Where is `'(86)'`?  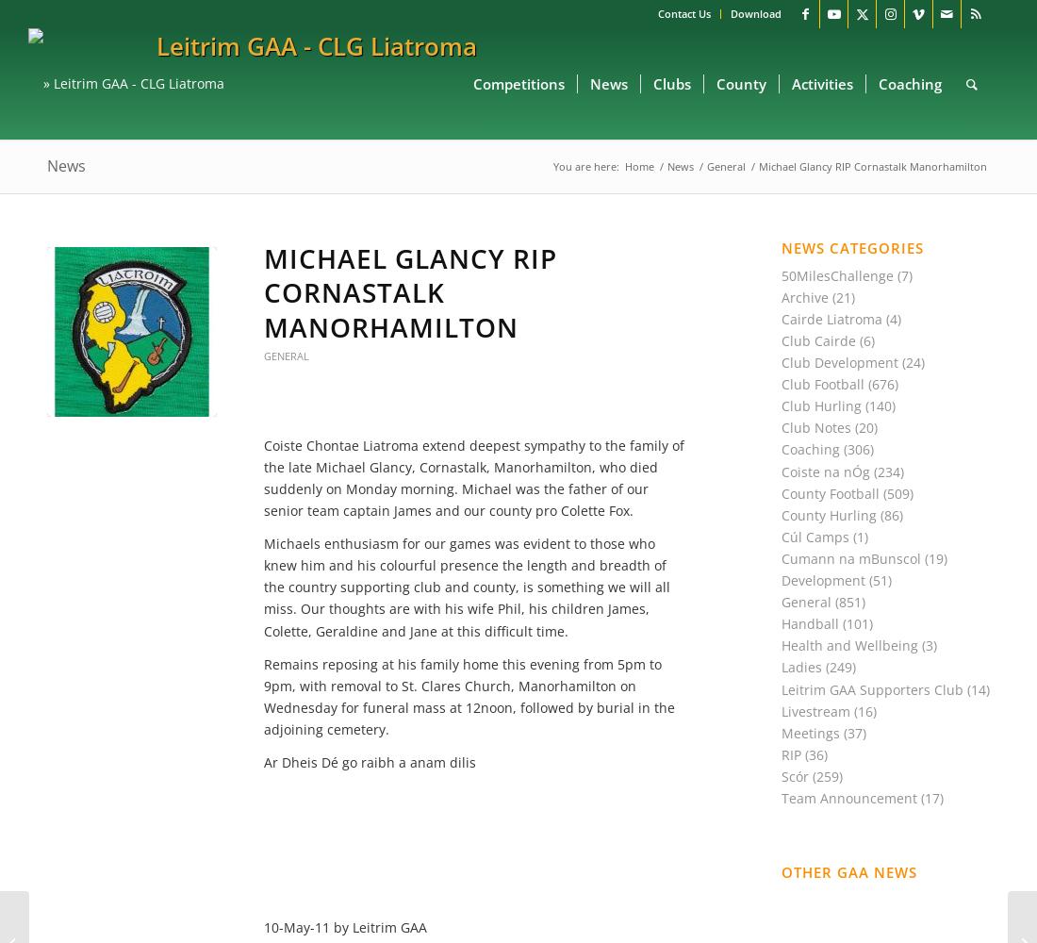
'(86)' is located at coordinates (877, 514).